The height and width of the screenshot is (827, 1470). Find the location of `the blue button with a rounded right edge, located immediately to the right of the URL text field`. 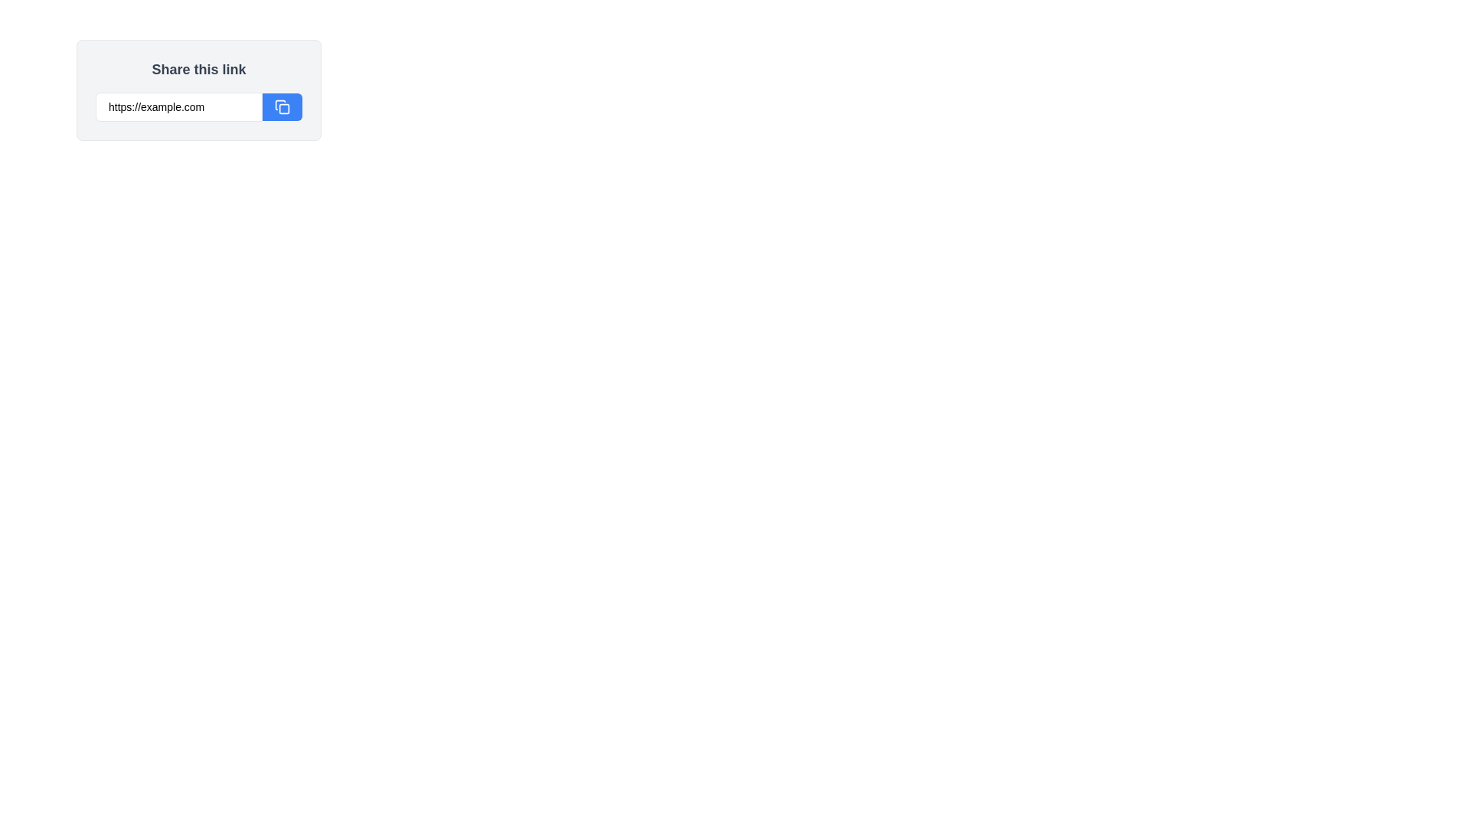

the blue button with a rounded right edge, located immediately to the right of the URL text field is located at coordinates (283, 106).